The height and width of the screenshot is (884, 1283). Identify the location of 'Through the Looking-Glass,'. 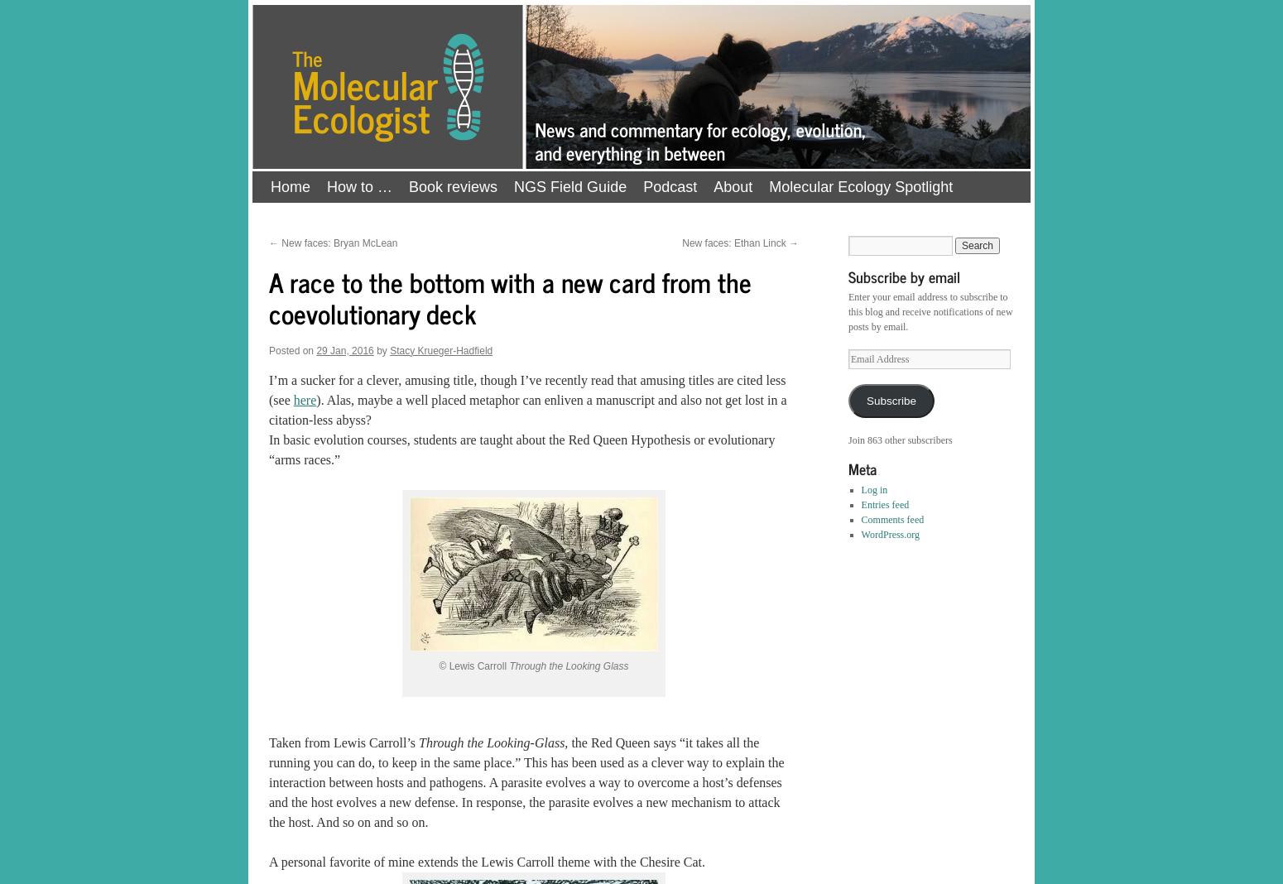
(494, 741).